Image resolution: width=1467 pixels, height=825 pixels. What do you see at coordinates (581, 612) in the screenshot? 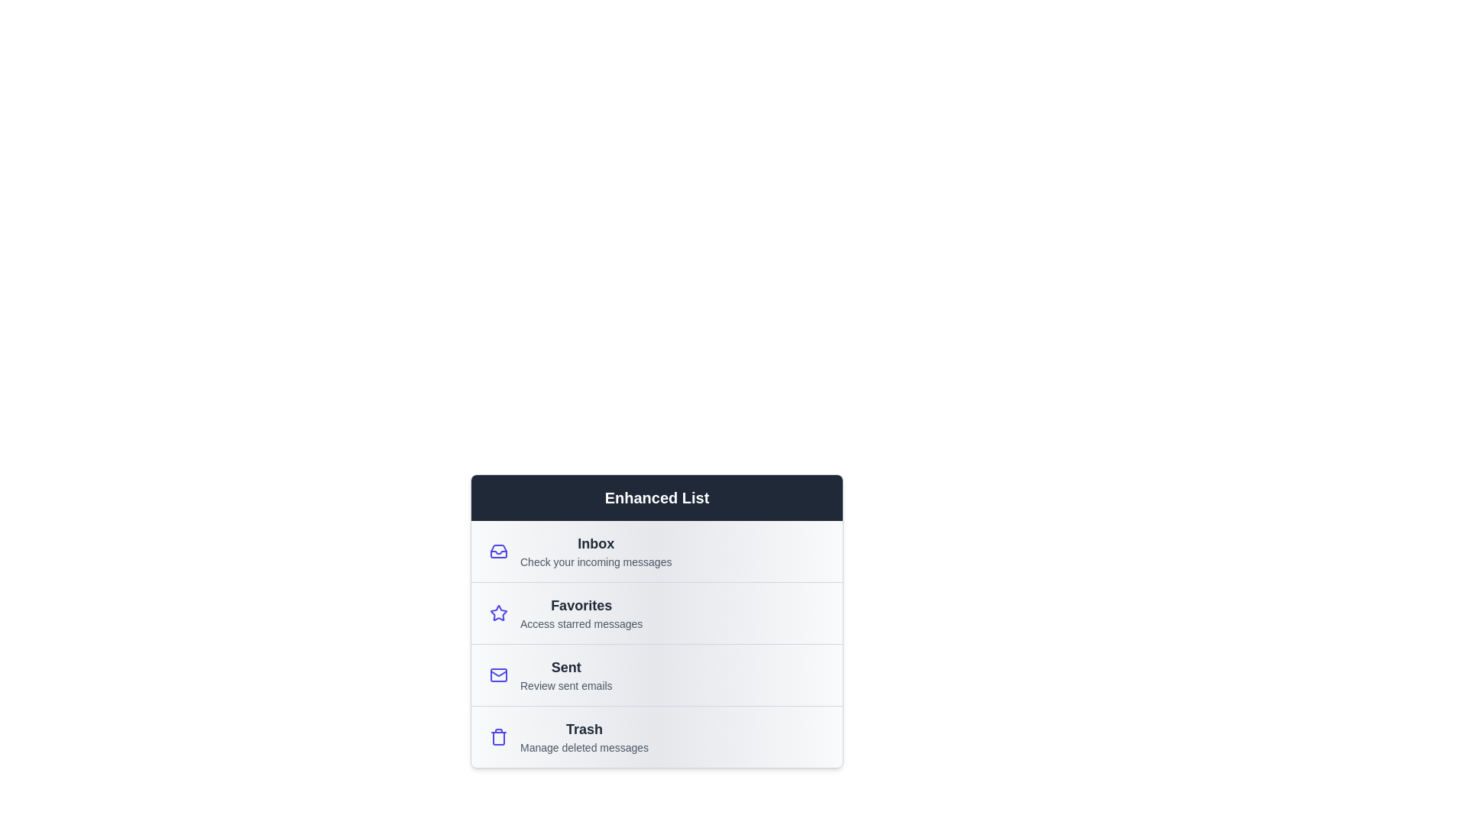
I see `the second entry of the vertical list, which is the navigation item for accessing starred messages` at bounding box center [581, 612].